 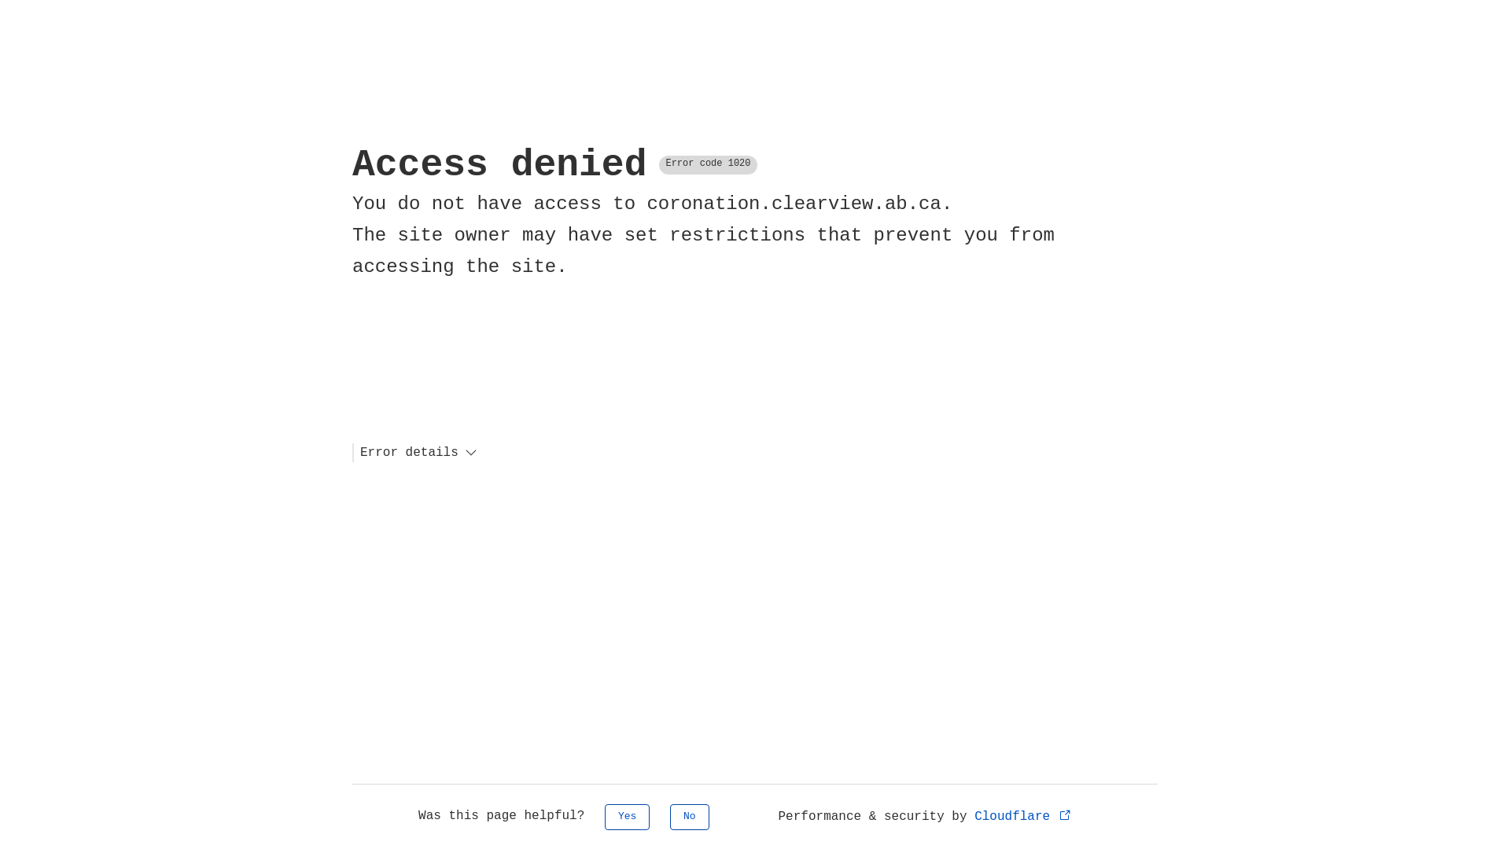 I want to click on 'No', so click(x=669, y=816).